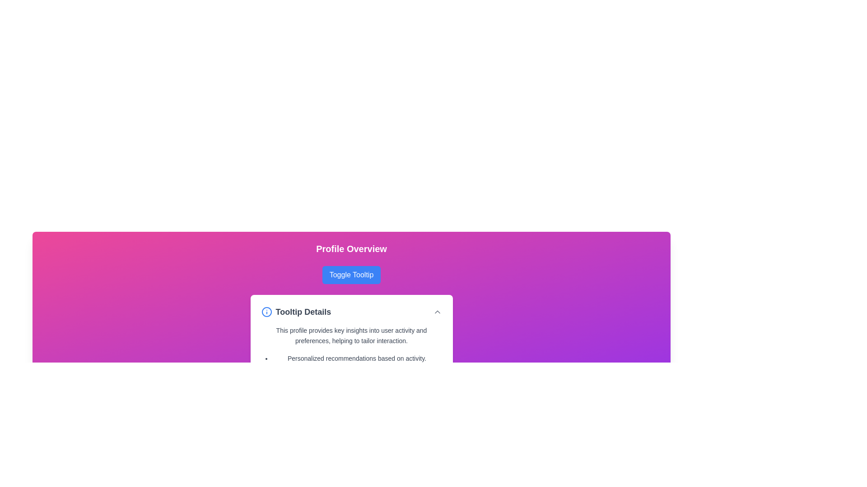  What do you see at coordinates (296, 311) in the screenshot?
I see `the Label and Icon Combination containing the circular info symbol with a blue outline and the text 'Tooltip Details', located under the 'Profile Overview' heading` at bounding box center [296, 311].